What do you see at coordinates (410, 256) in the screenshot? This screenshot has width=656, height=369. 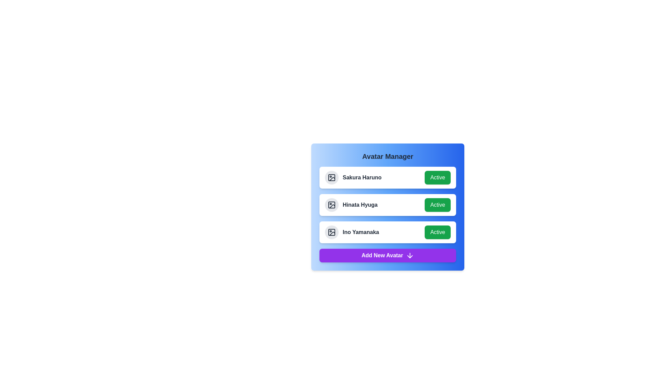 I see `the arrow-down icon located to the right of the 'Add New Avatar' button` at bounding box center [410, 256].